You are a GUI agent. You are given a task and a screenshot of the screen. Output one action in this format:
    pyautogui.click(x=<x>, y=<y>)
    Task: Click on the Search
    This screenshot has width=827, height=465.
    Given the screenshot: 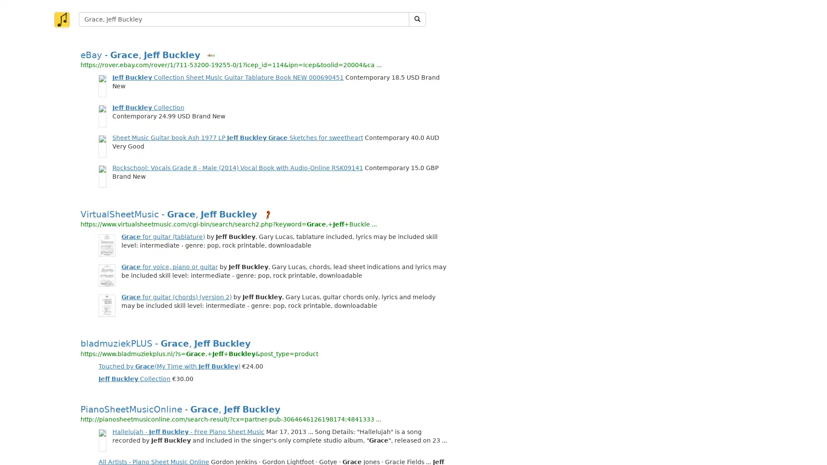 What is the action you would take?
    pyautogui.click(x=417, y=19)
    